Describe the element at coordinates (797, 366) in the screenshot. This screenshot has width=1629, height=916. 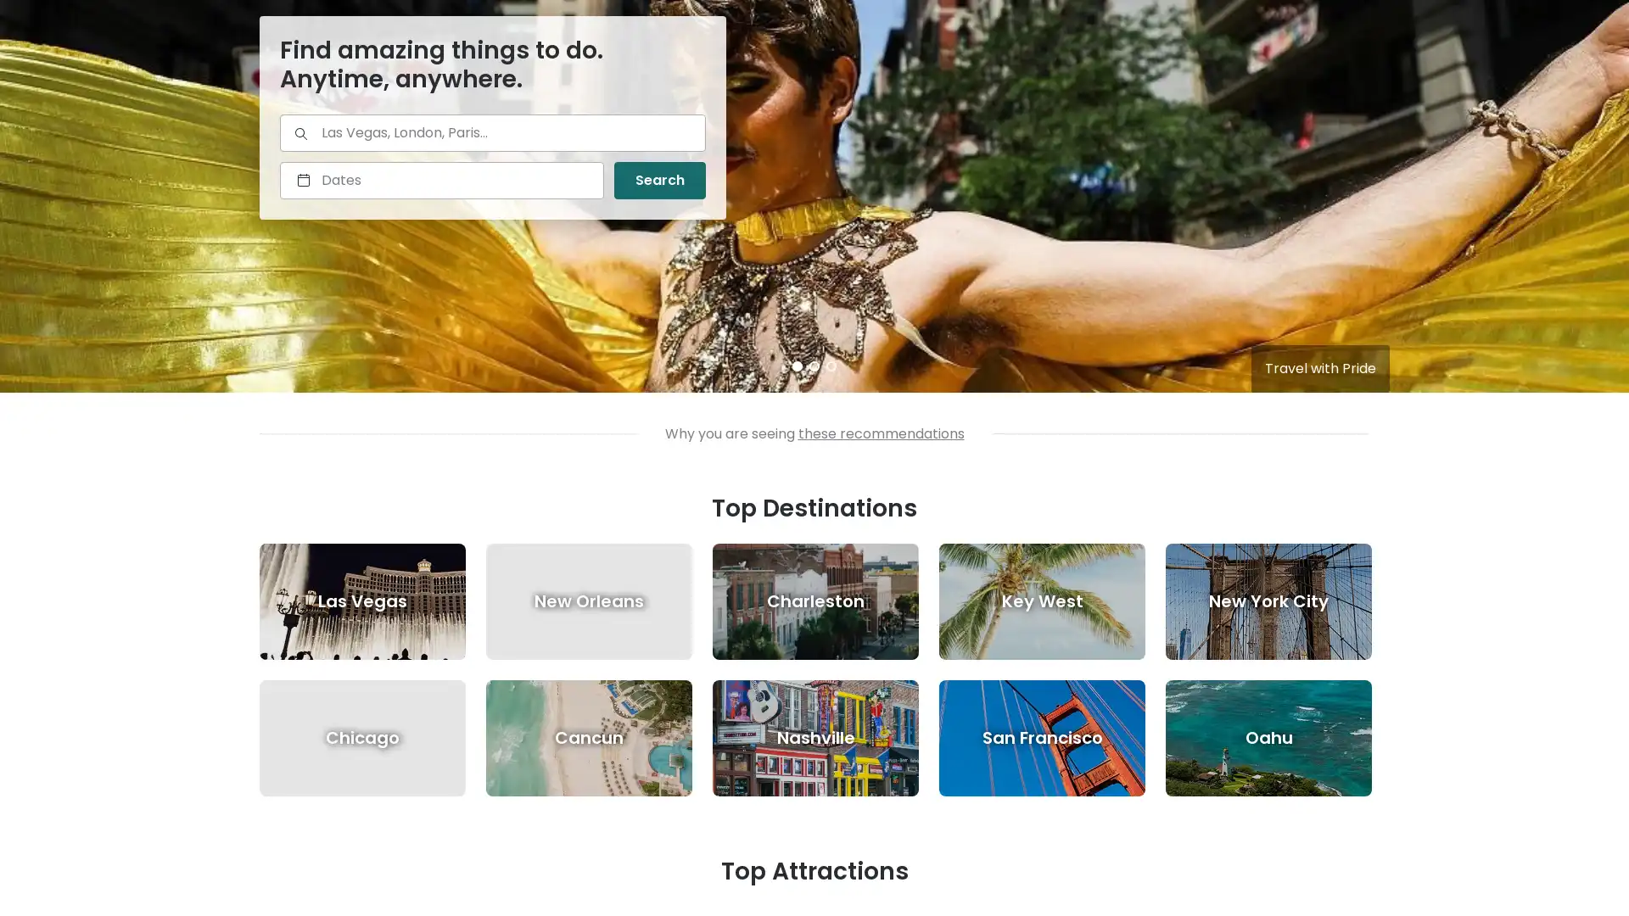
I see `1` at that location.